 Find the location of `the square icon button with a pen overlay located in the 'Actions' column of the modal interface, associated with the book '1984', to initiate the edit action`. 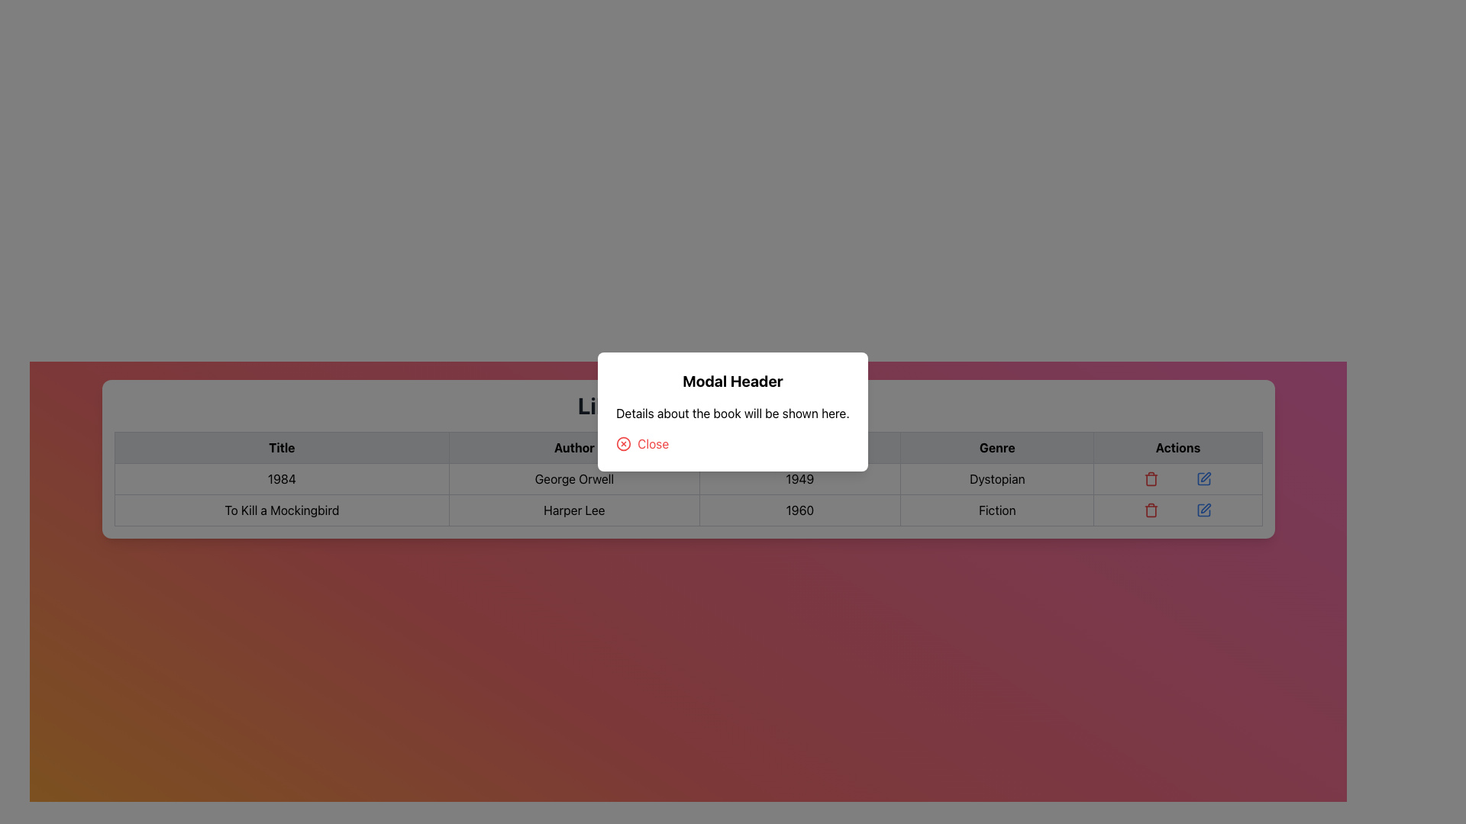

the square icon button with a pen overlay located in the 'Actions' column of the modal interface, associated with the book '1984', to initiate the edit action is located at coordinates (1203, 478).